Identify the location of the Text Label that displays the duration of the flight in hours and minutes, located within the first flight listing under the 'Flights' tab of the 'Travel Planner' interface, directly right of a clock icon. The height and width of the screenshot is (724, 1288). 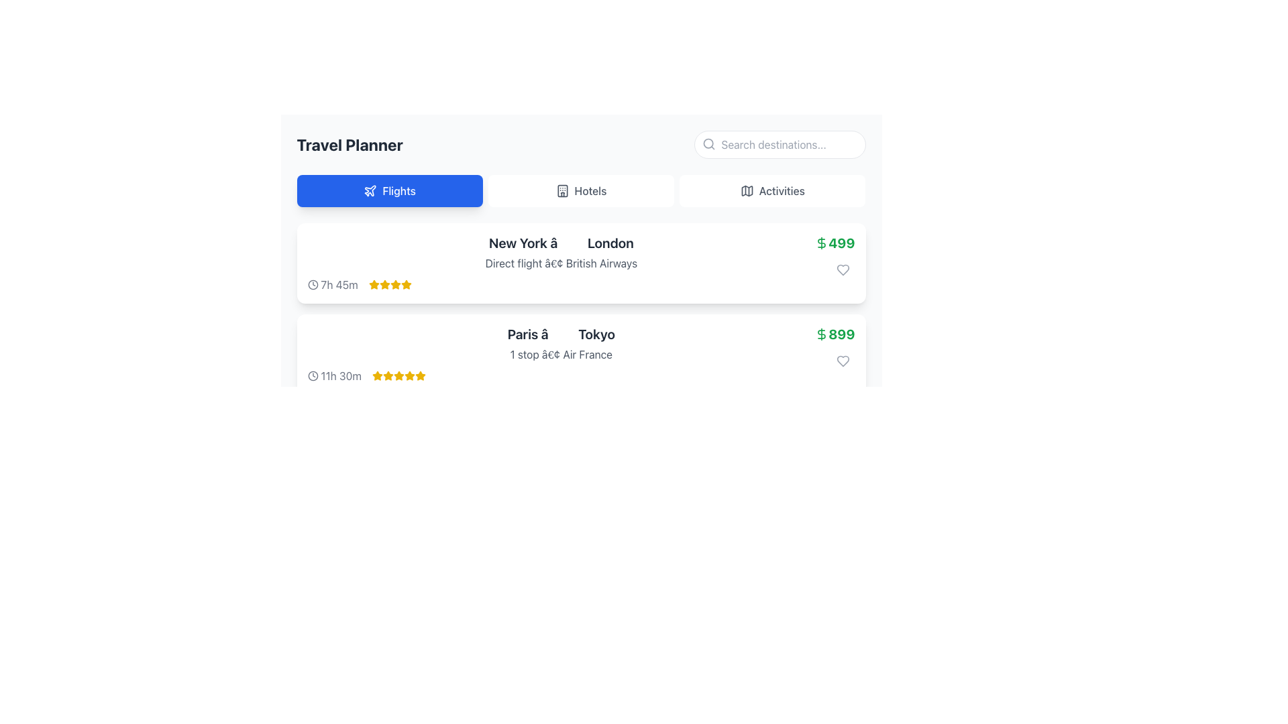
(339, 284).